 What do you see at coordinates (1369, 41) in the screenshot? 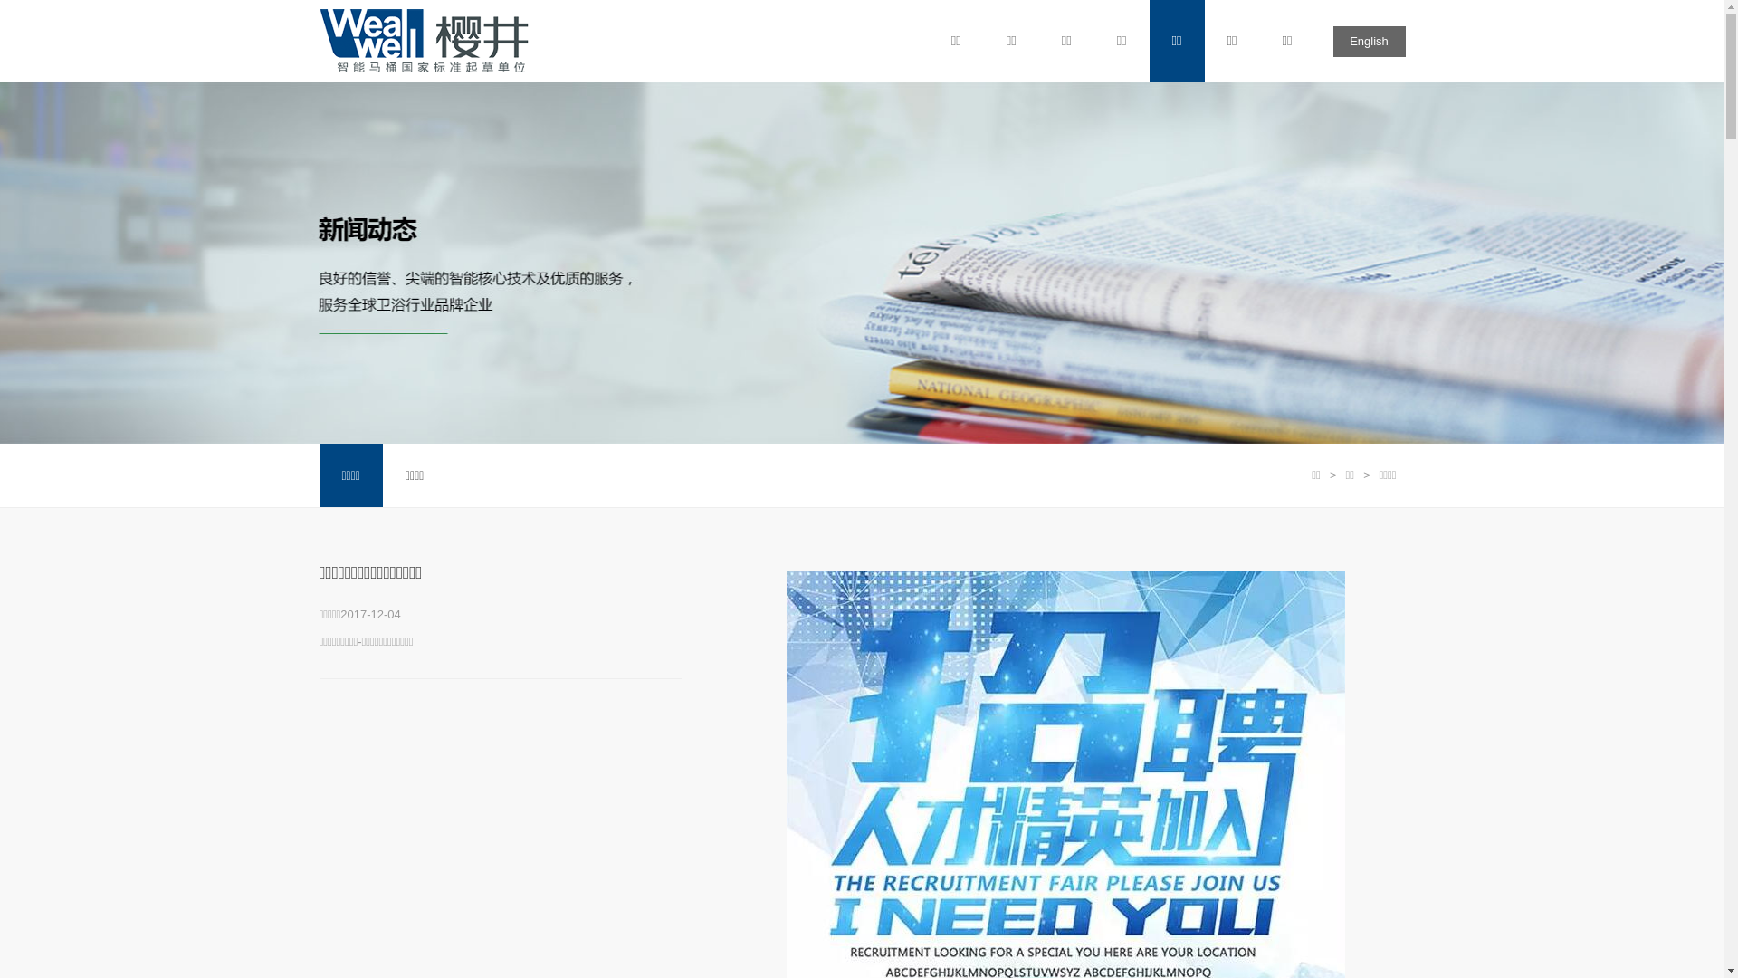
I see `'English'` at bounding box center [1369, 41].